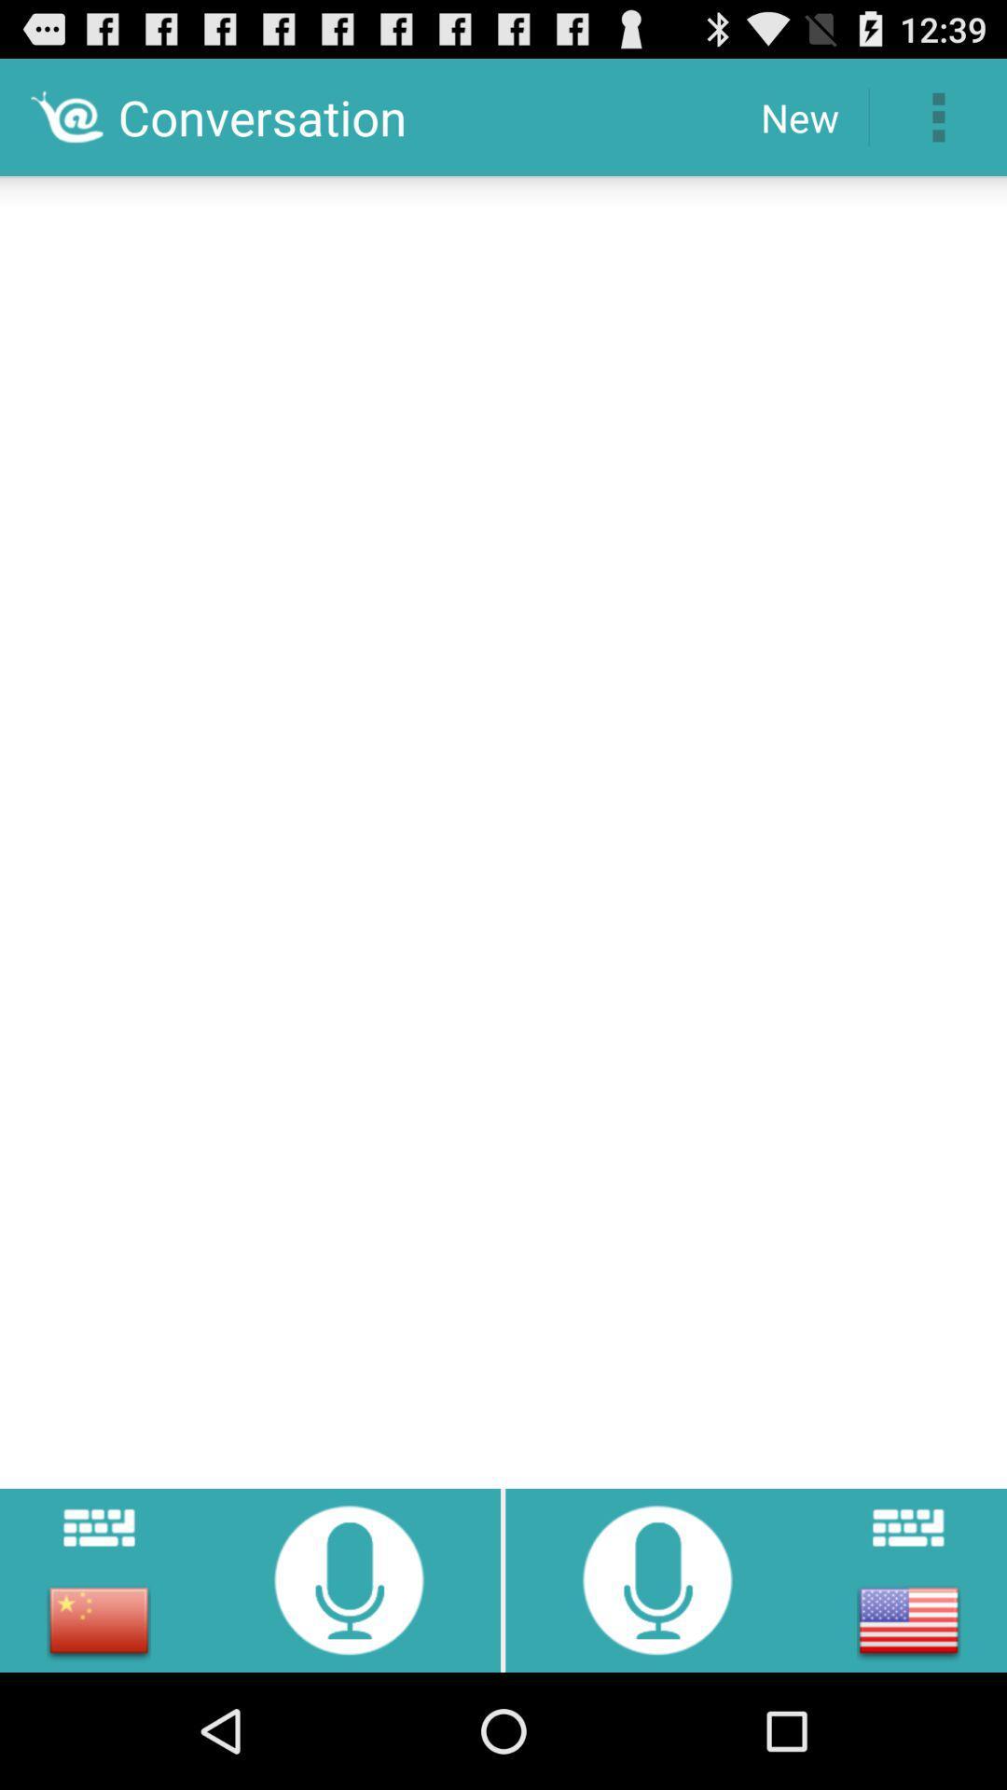 Image resolution: width=1007 pixels, height=1790 pixels. What do you see at coordinates (504, 825) in the screenshot?
I see `the item at the center` at bounding box center [504, 825].